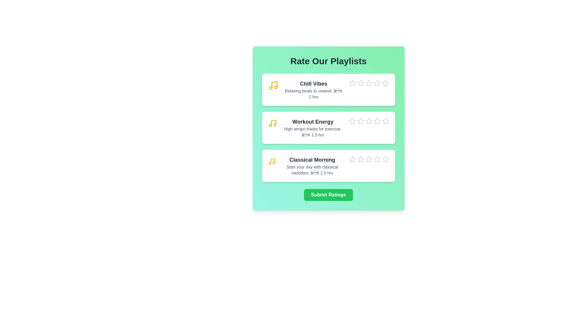 Image resolution: width=570 pixels, height=321 pixels. I want to click on the star icon corresponding to 3 stars for the playlist Classical Morning, so click(365, 155).